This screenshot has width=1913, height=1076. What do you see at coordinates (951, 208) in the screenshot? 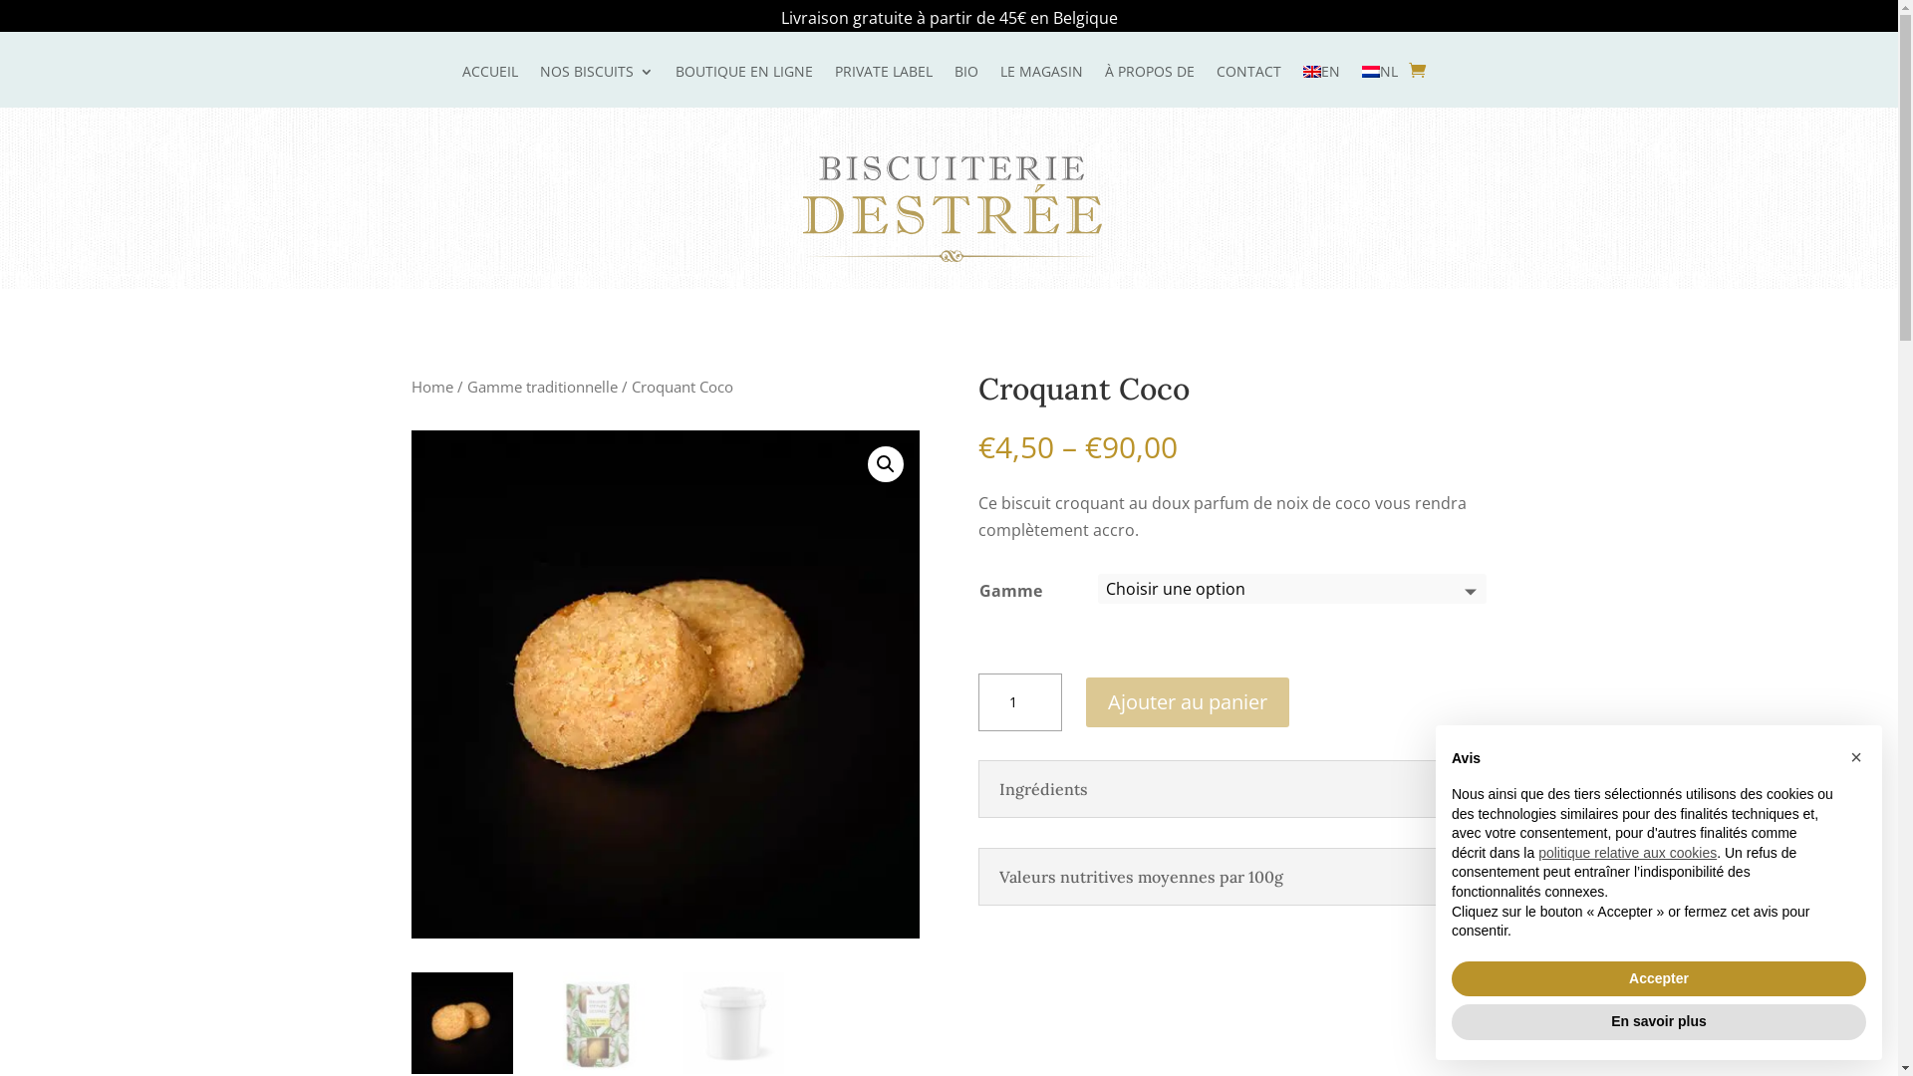
I see `'logo'` at bounding box center [951, 208].